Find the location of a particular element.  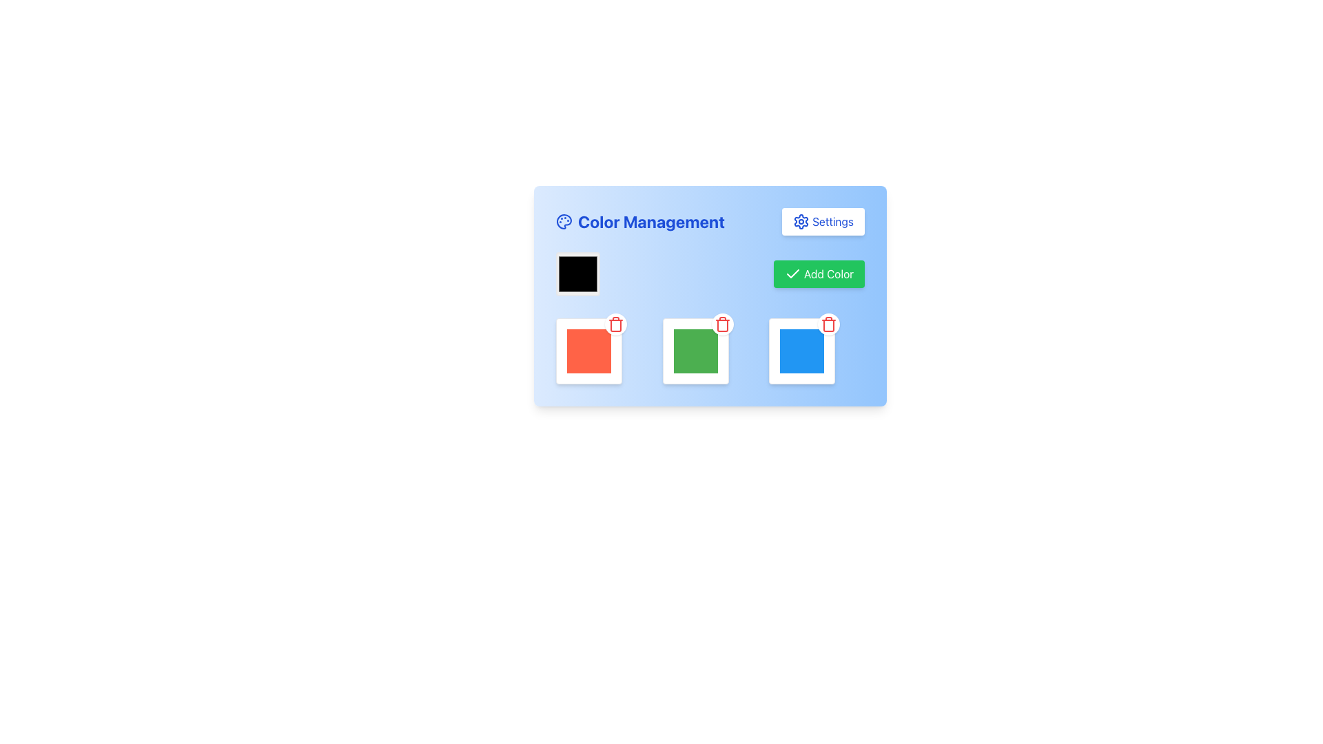

the blue artist's palette icon located to the left of the 'Color Management' title in the header of the blue panel is located at coordinates (564, 220).